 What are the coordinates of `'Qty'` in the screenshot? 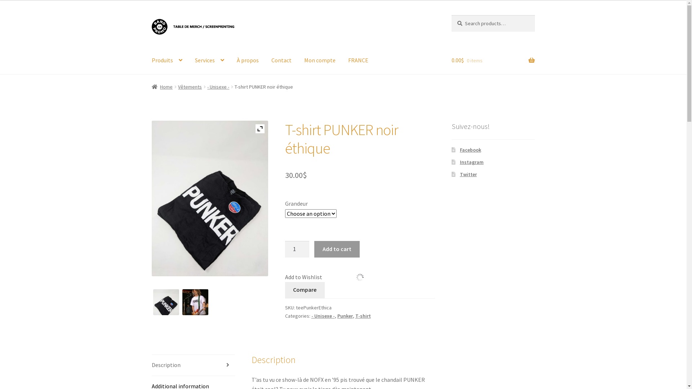 It's located at (297, 249).